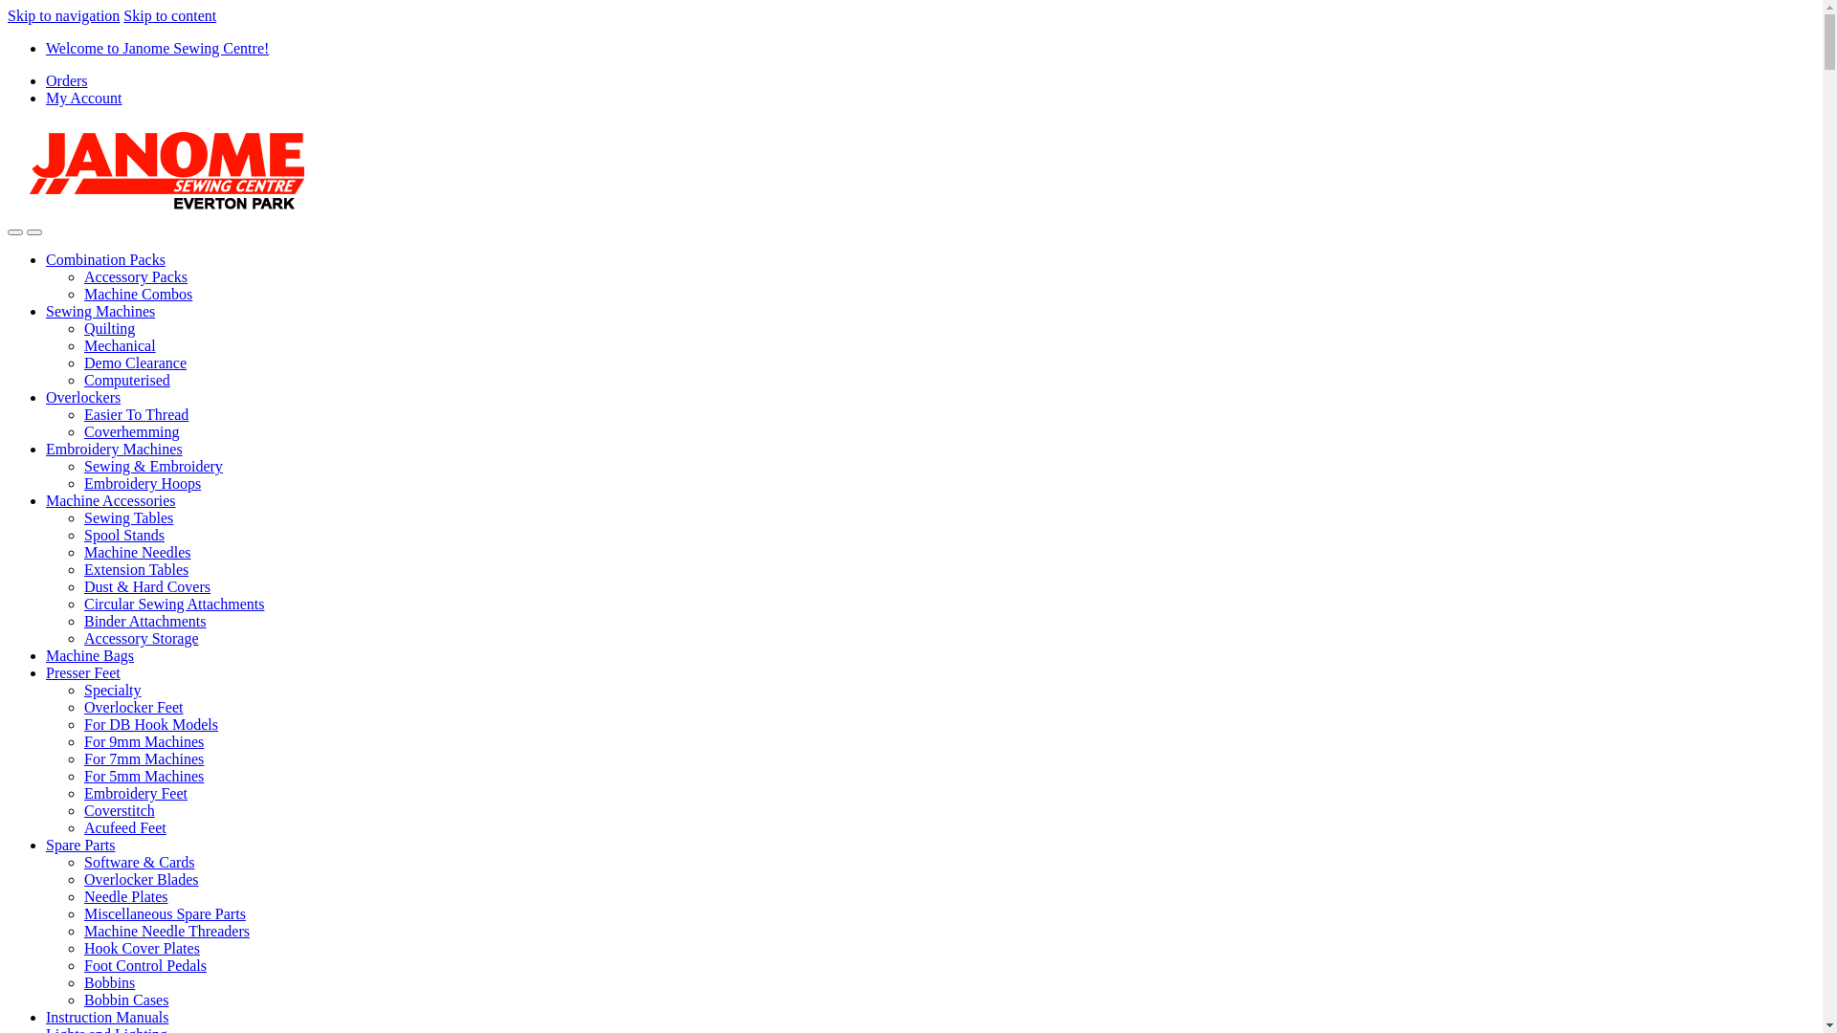  Describe the element at coordinates (82, 98) in the screenshot. I see `'My Account'` at that location.